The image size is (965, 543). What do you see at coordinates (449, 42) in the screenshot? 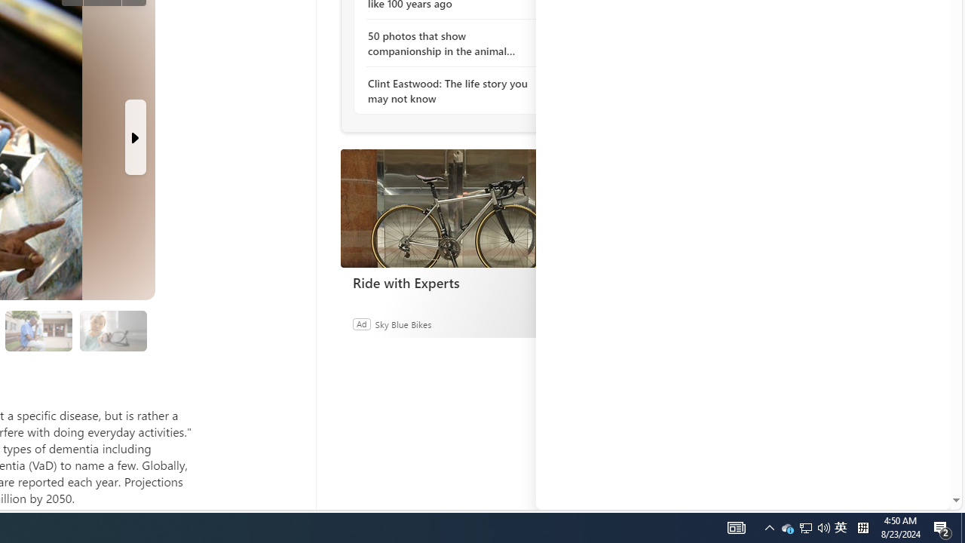
I see `'50 photos that show companionship in the animal kingdom'` at bounding box center [449, 42].